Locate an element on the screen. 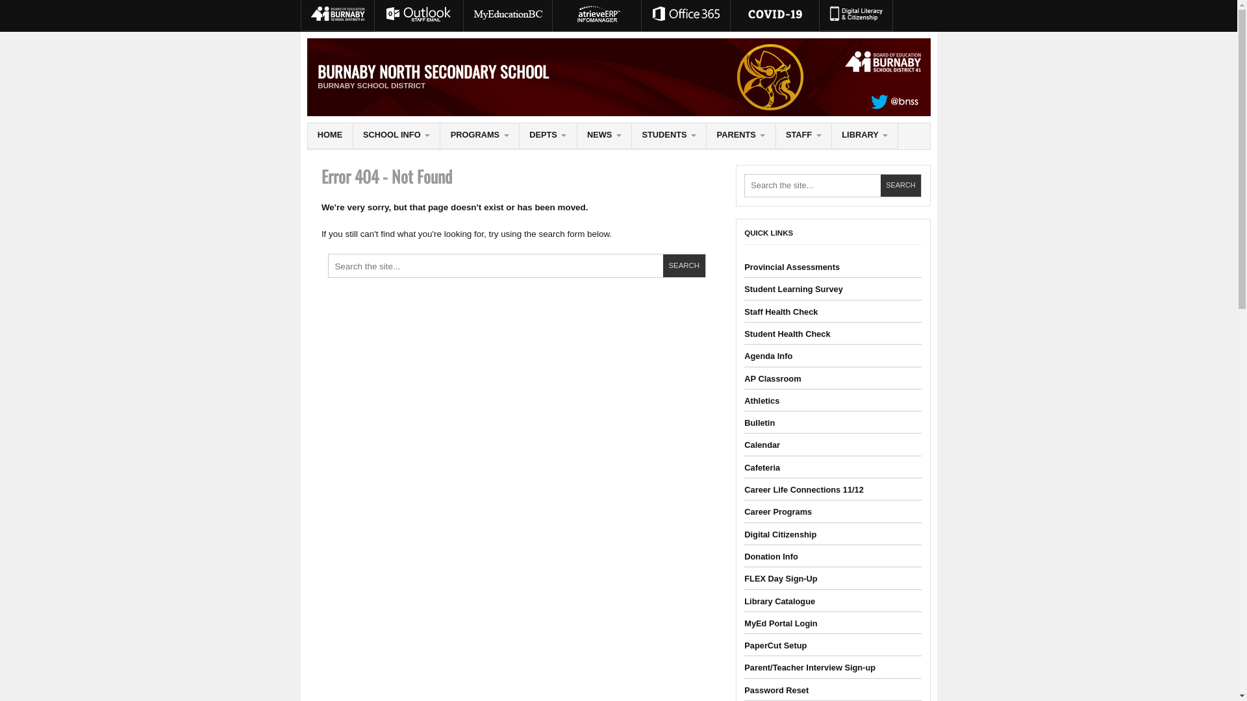  'Career Programs' is located at coordinates (744, 511).